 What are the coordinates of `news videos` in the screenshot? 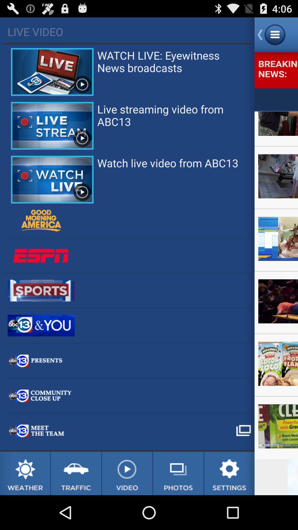 It's located at (127, 473).